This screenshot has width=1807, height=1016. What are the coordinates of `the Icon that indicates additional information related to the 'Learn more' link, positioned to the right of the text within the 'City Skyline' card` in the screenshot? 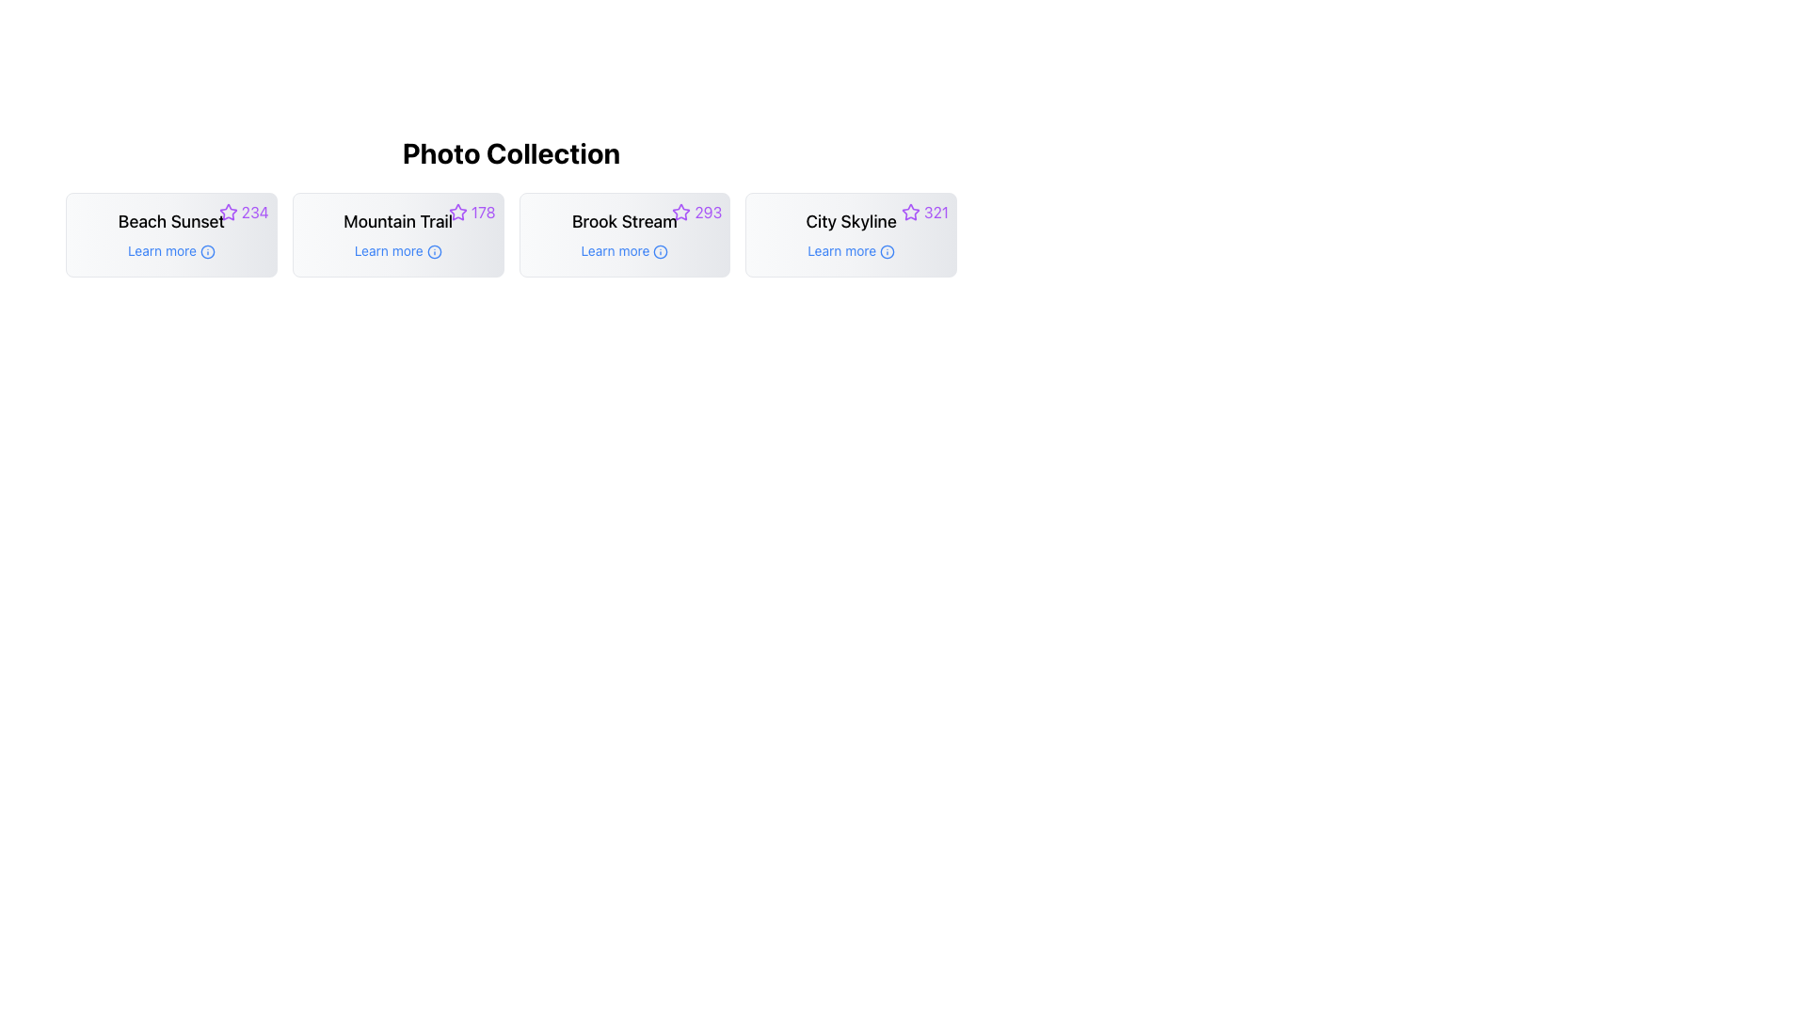 It's located at (887, 251).